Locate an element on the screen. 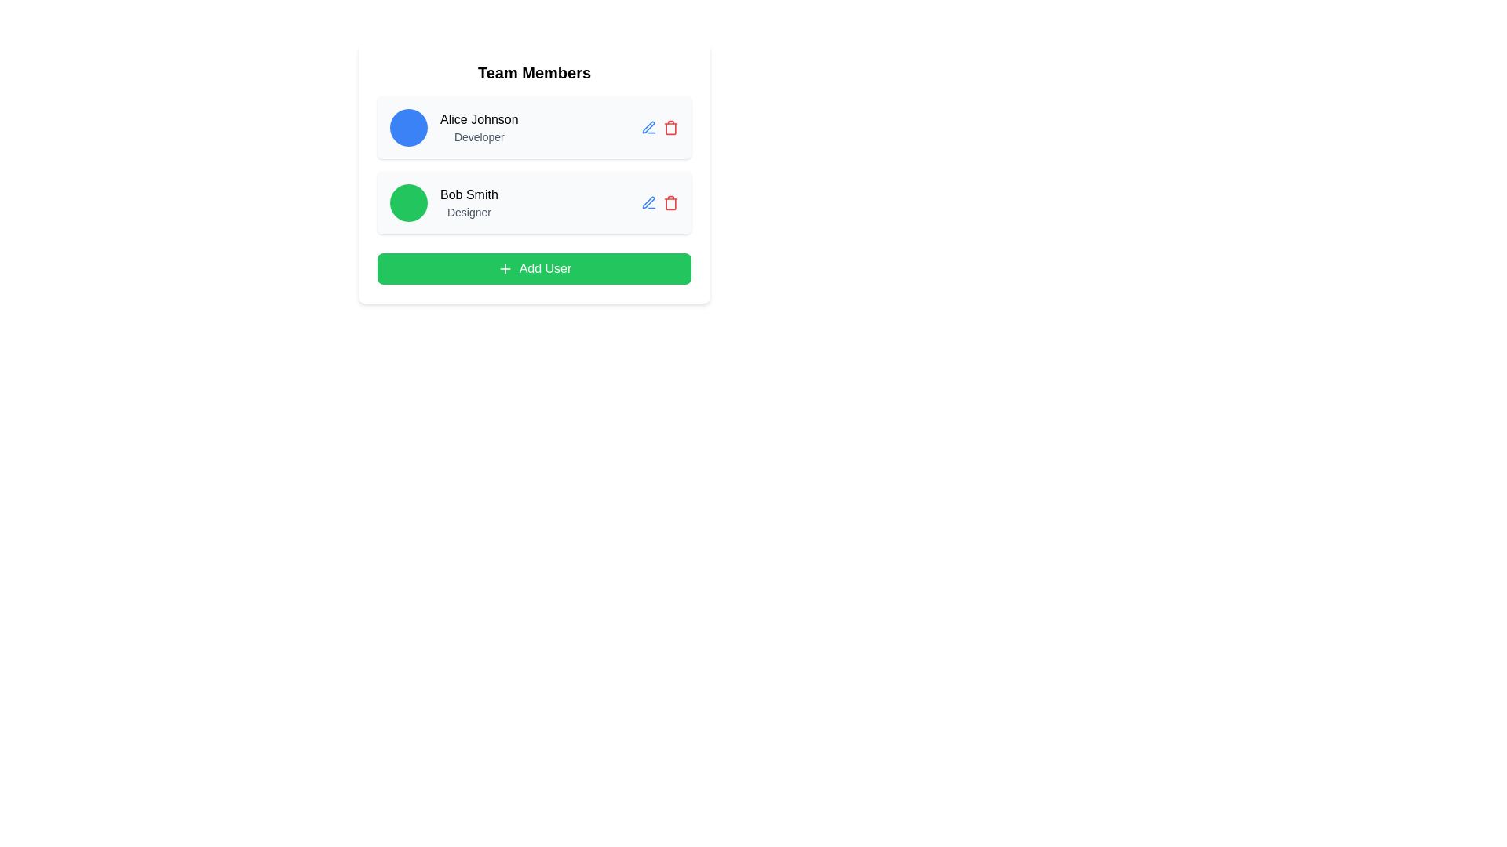 This screenshot has width=1507, height=847. the title label at the top of the card that displays team members and related actions is located at coordinates (535, 72).